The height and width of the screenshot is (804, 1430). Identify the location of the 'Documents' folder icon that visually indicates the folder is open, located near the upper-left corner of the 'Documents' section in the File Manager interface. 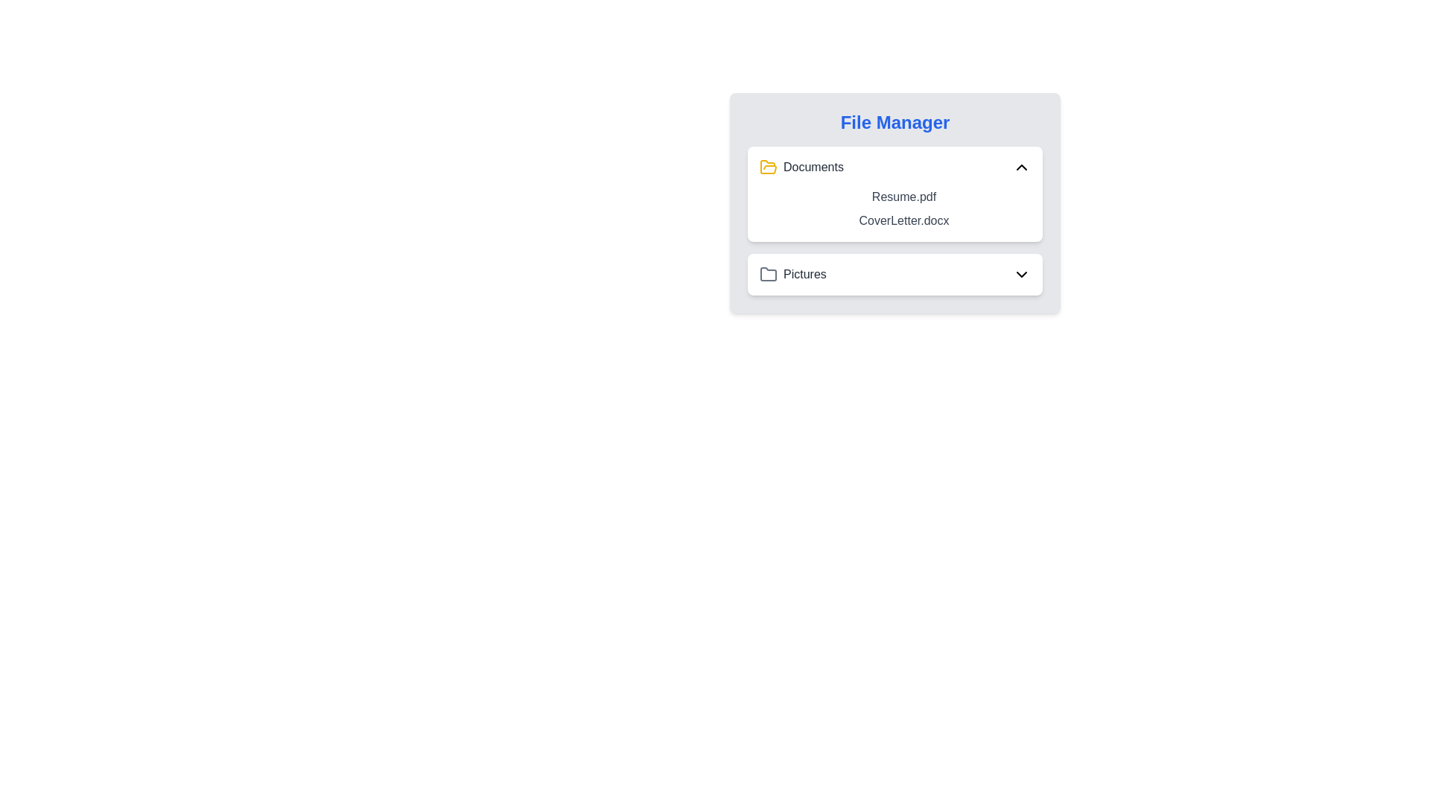
(769, 167).